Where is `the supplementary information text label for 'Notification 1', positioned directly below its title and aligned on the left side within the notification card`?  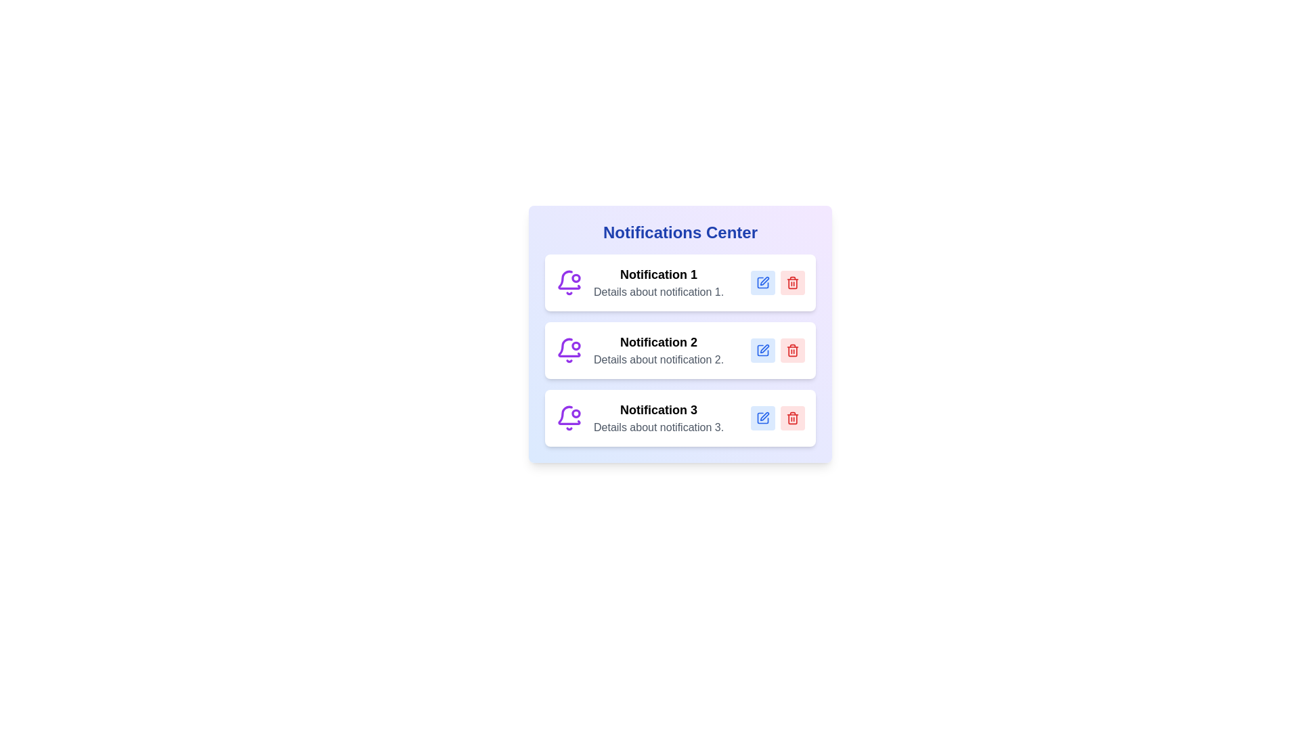 the supplementary information text label for 'Notification 1', positioned directly below its title and aligned on the left side within the notification card is located at coordinates (659, 292).